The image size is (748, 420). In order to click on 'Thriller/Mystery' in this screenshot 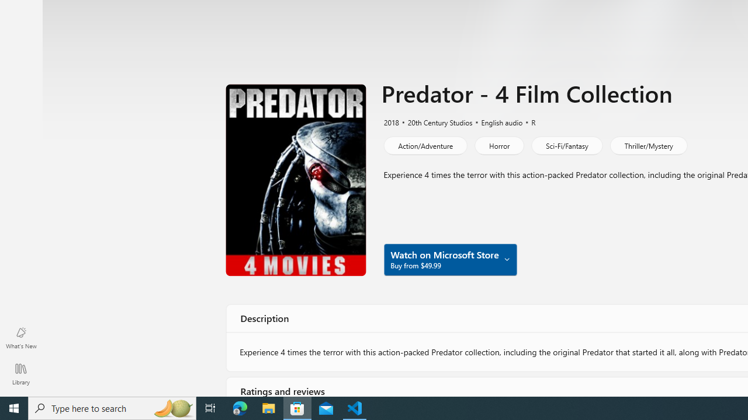, I will do `click(647, 145)`.